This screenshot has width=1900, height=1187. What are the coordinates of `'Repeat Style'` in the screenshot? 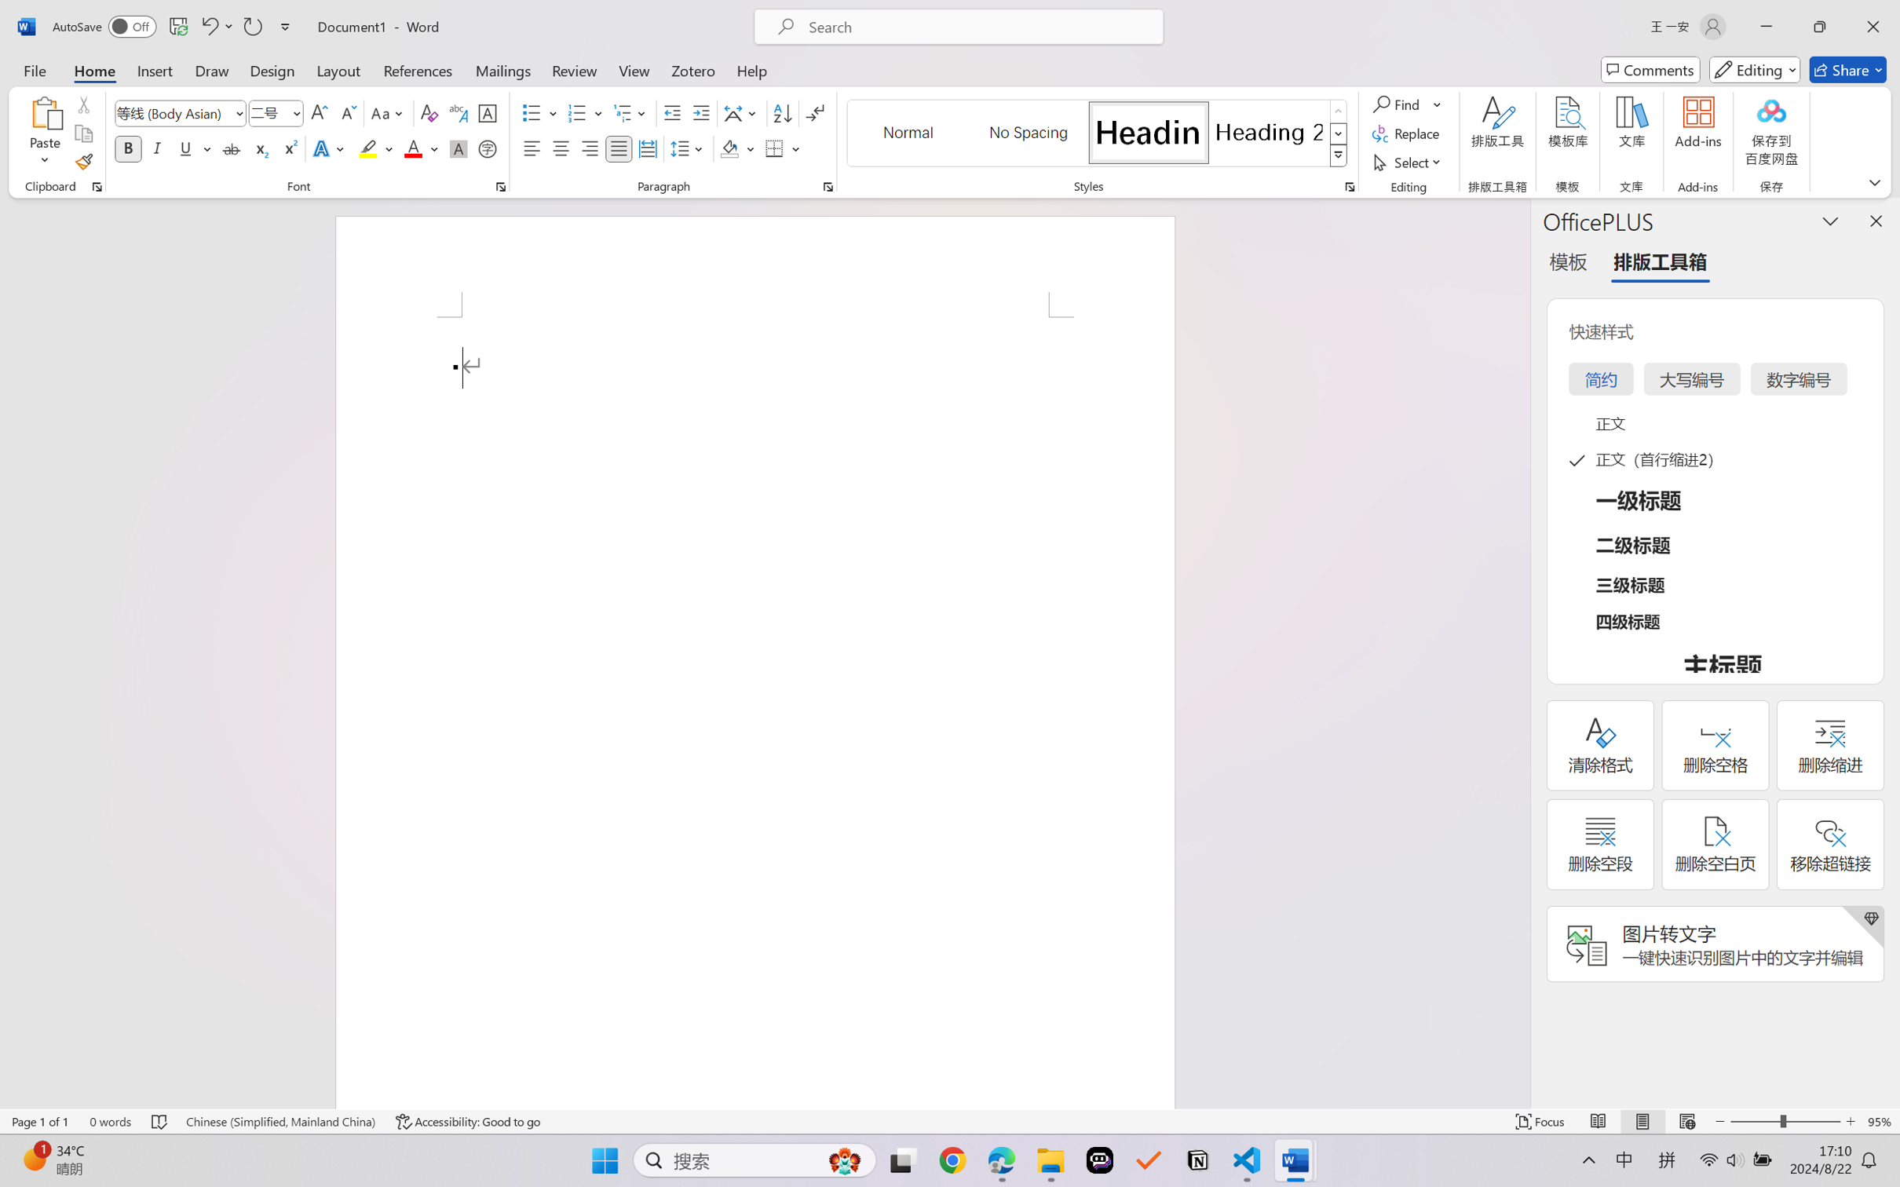 It's located at (251, 26).